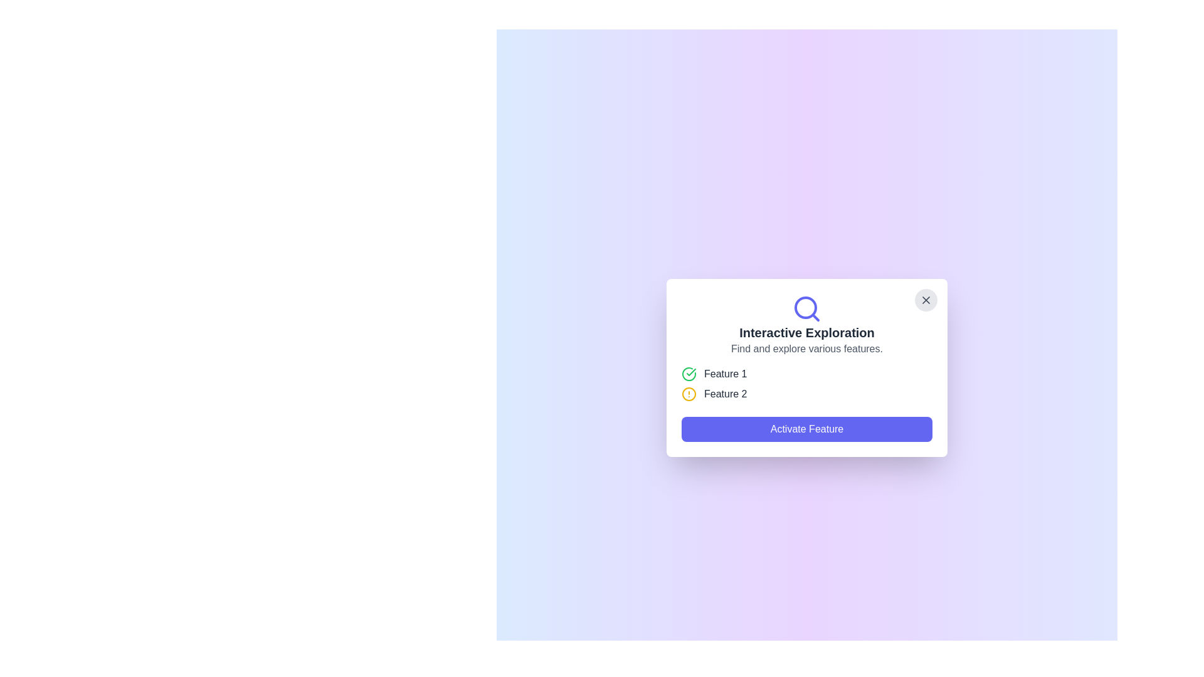 Image resolution: width=1204 pixels, height=677 pixels. What do you see at coordinates (806, 349) in the screenshot?
I see `the static text element reading 'Find and explore various features.' that is located beneath the title 'Interactive Exploration'` at bounding box center [806, 349].